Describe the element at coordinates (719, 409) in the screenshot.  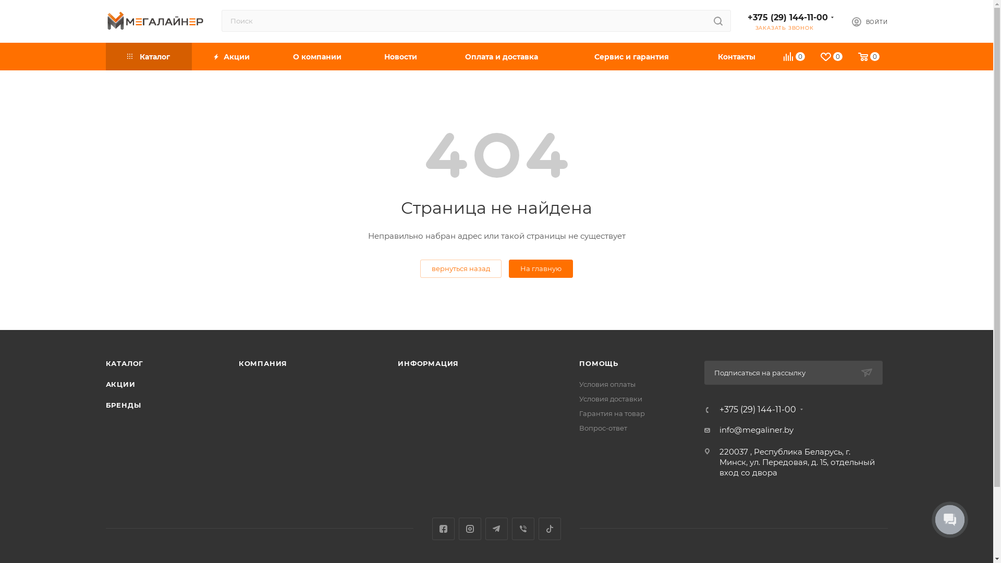
I see `'+375 (29) 144-11-00'` at that location.